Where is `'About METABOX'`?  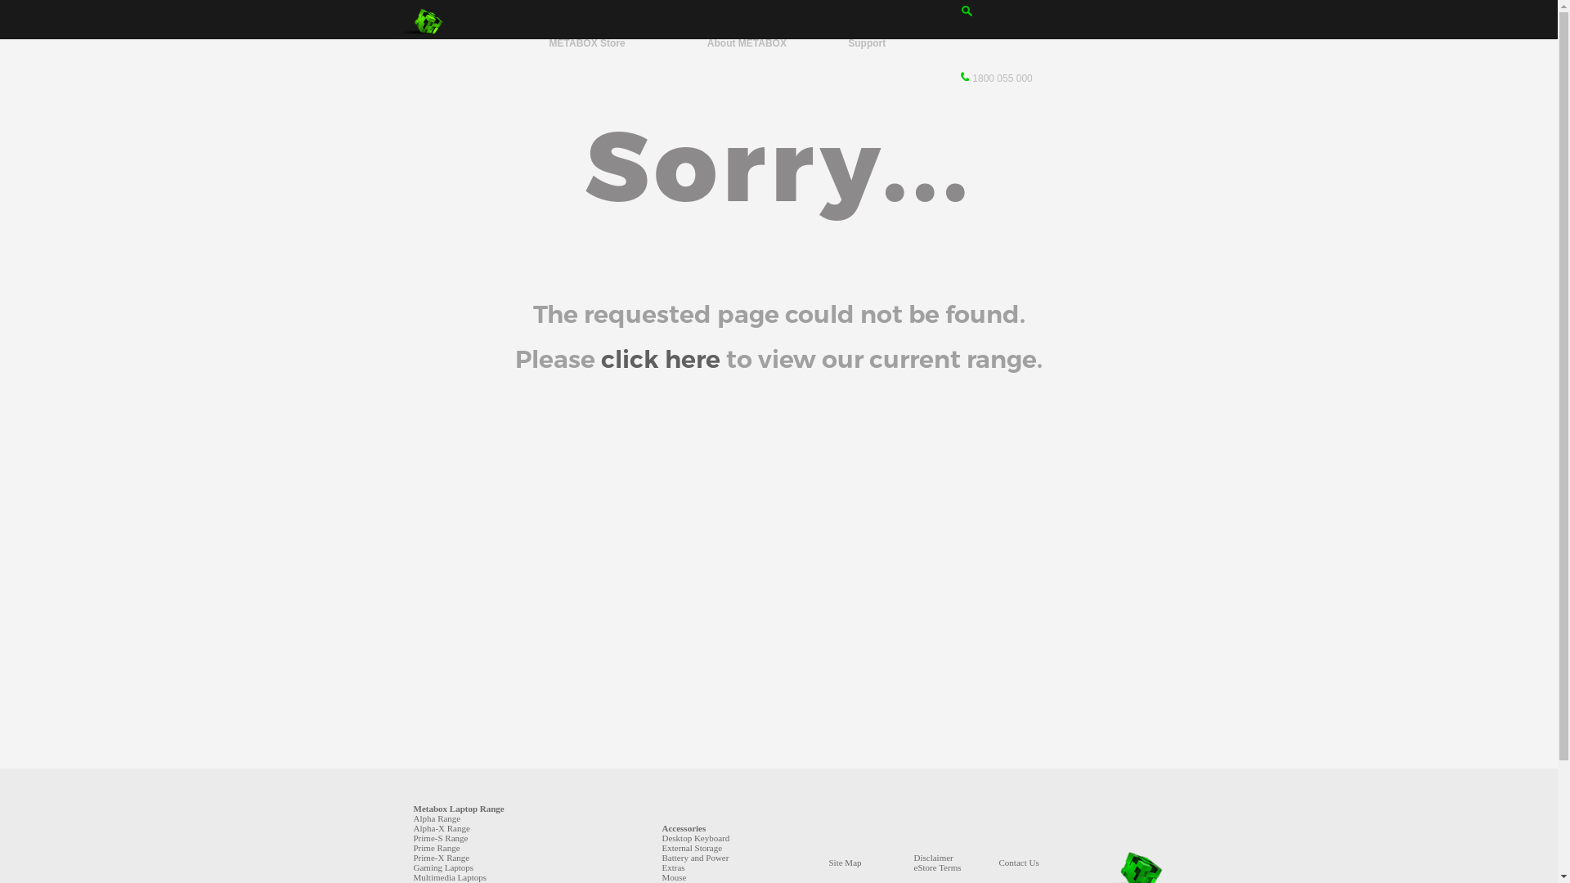 'About METABOX' is located at coordinates (746, 43).